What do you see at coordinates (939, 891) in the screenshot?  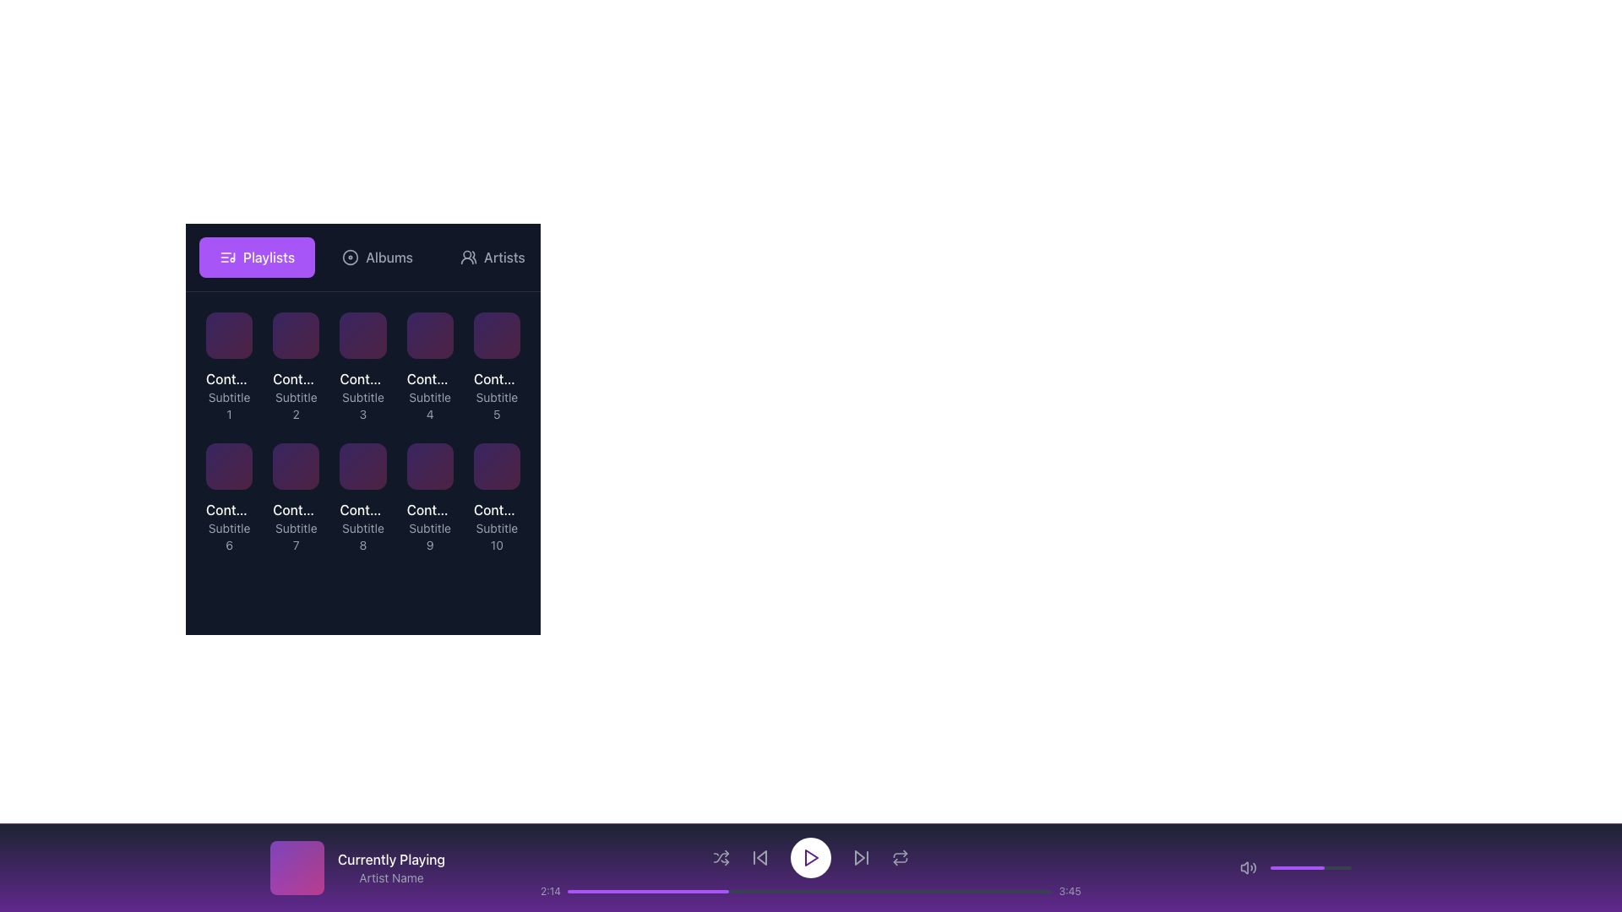 I see `the playback position` at bounding box center [939, 891].